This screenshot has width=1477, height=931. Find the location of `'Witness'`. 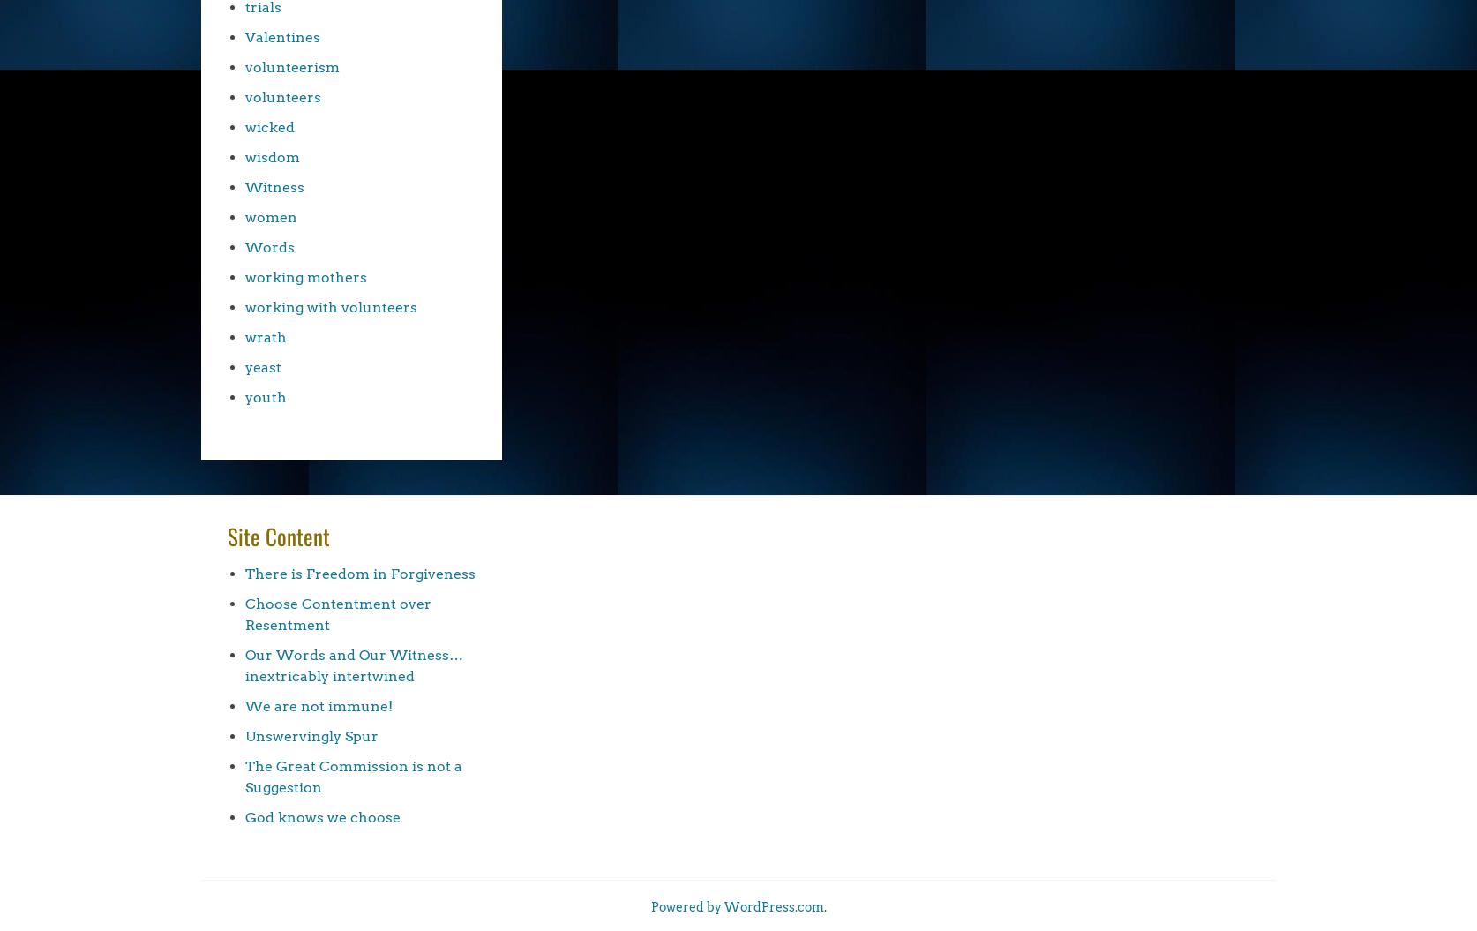

'Witness' is located at coordinates (274, 186).